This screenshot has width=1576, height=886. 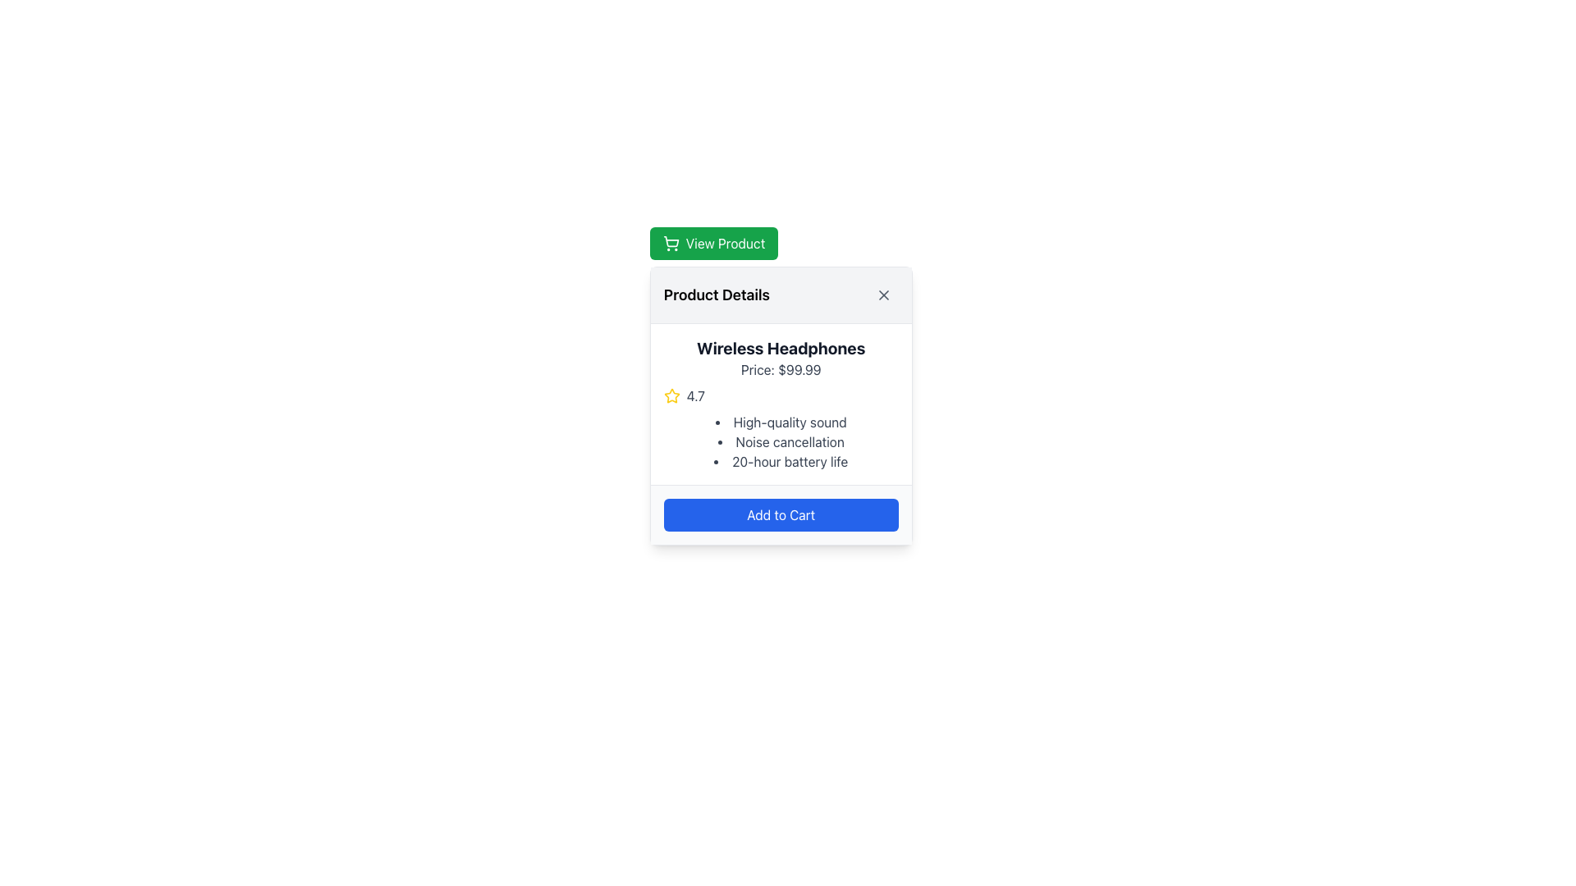 What do you see at coordinates (671, 244) in the screenshot?
I see `the shopping cart icon with a minimalist line art design located on the left side of the green button labeled 'View Product.'` at bounding box center [671, 244].